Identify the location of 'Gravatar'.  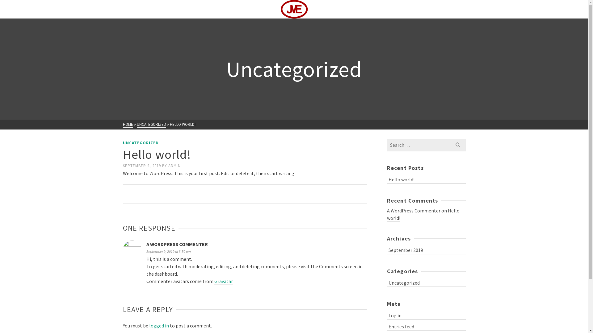
(223, 282).